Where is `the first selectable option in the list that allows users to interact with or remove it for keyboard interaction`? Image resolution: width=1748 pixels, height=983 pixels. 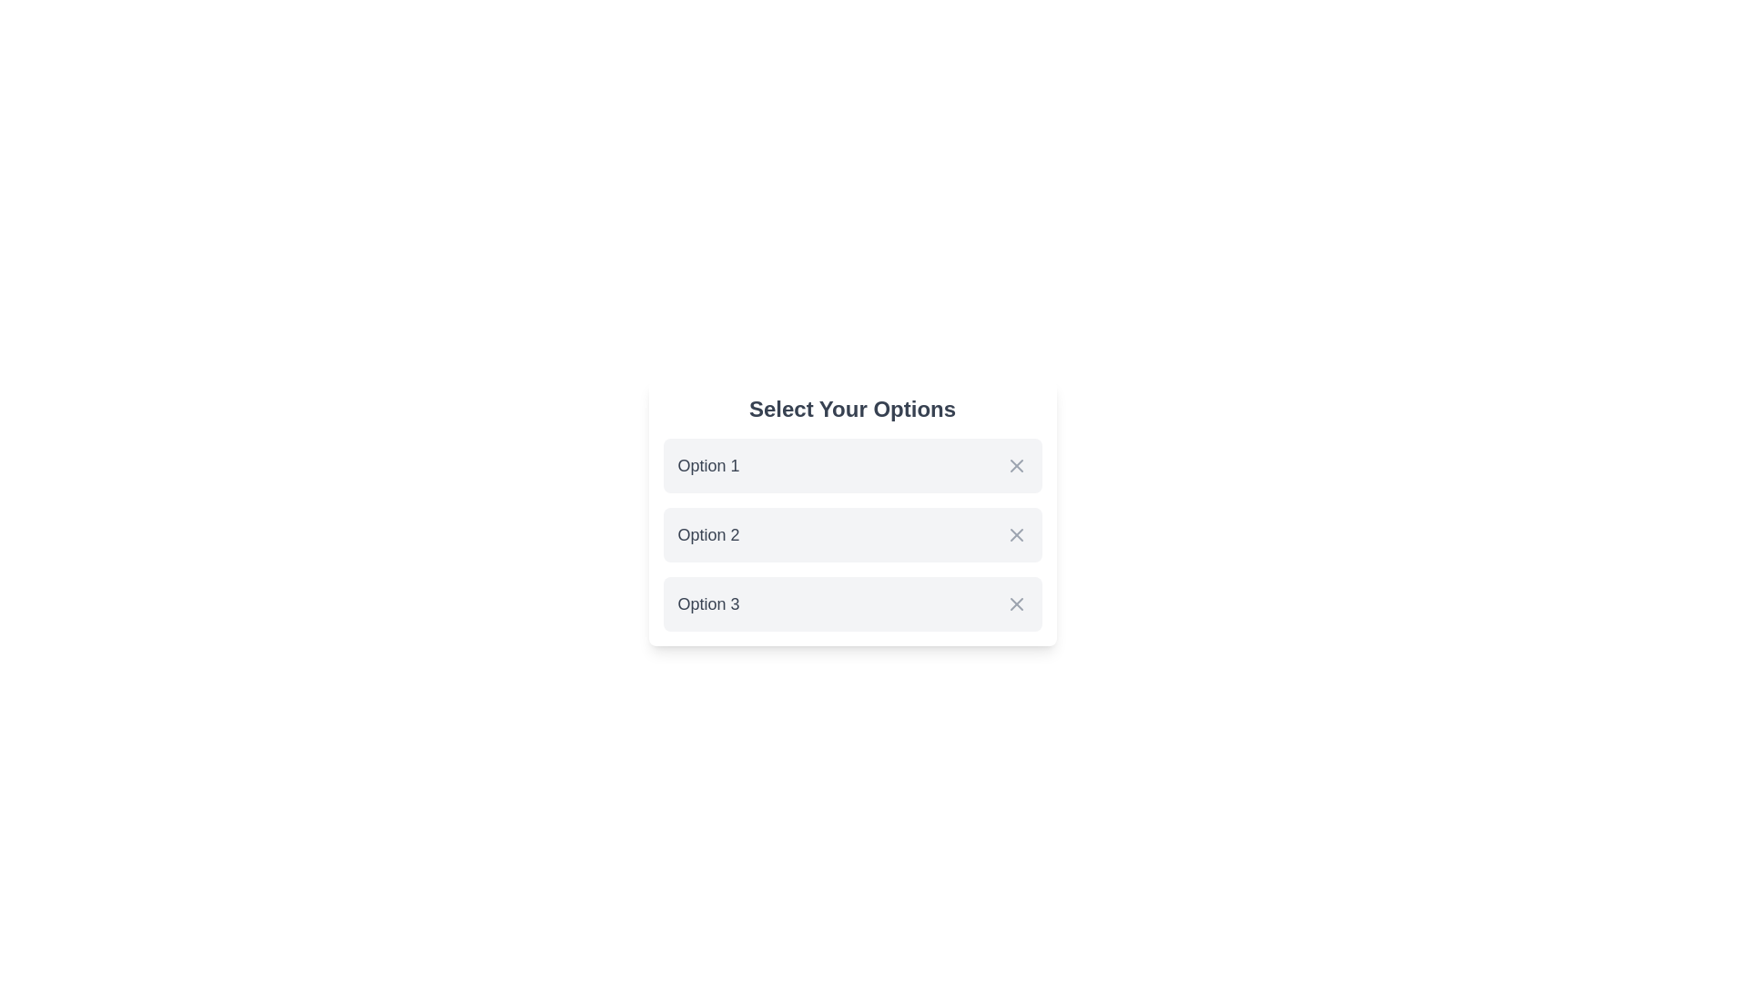
the first selectable option in the list that allows users to interact with or remove it for keyboard interaction is located at coordinates (851, 465).